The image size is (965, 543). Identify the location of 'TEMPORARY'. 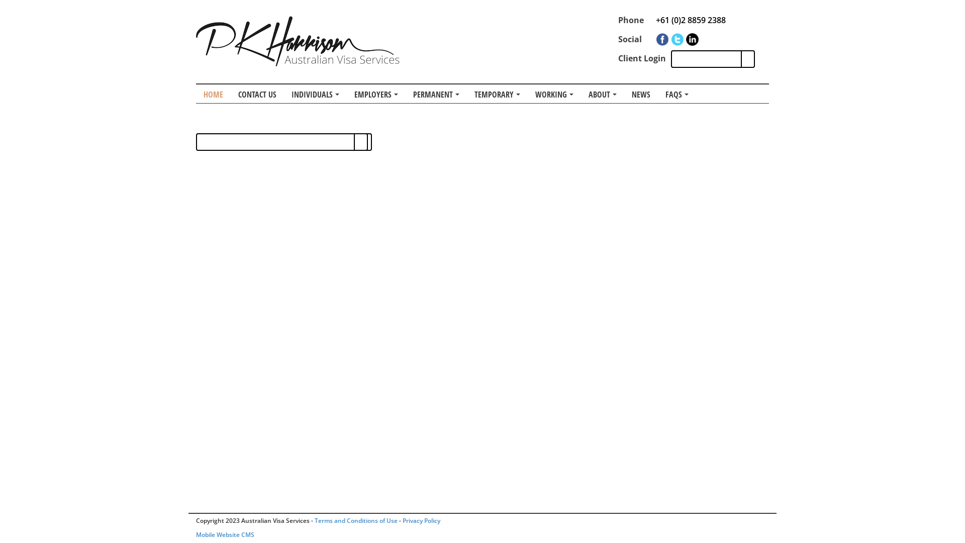
(497, 94).